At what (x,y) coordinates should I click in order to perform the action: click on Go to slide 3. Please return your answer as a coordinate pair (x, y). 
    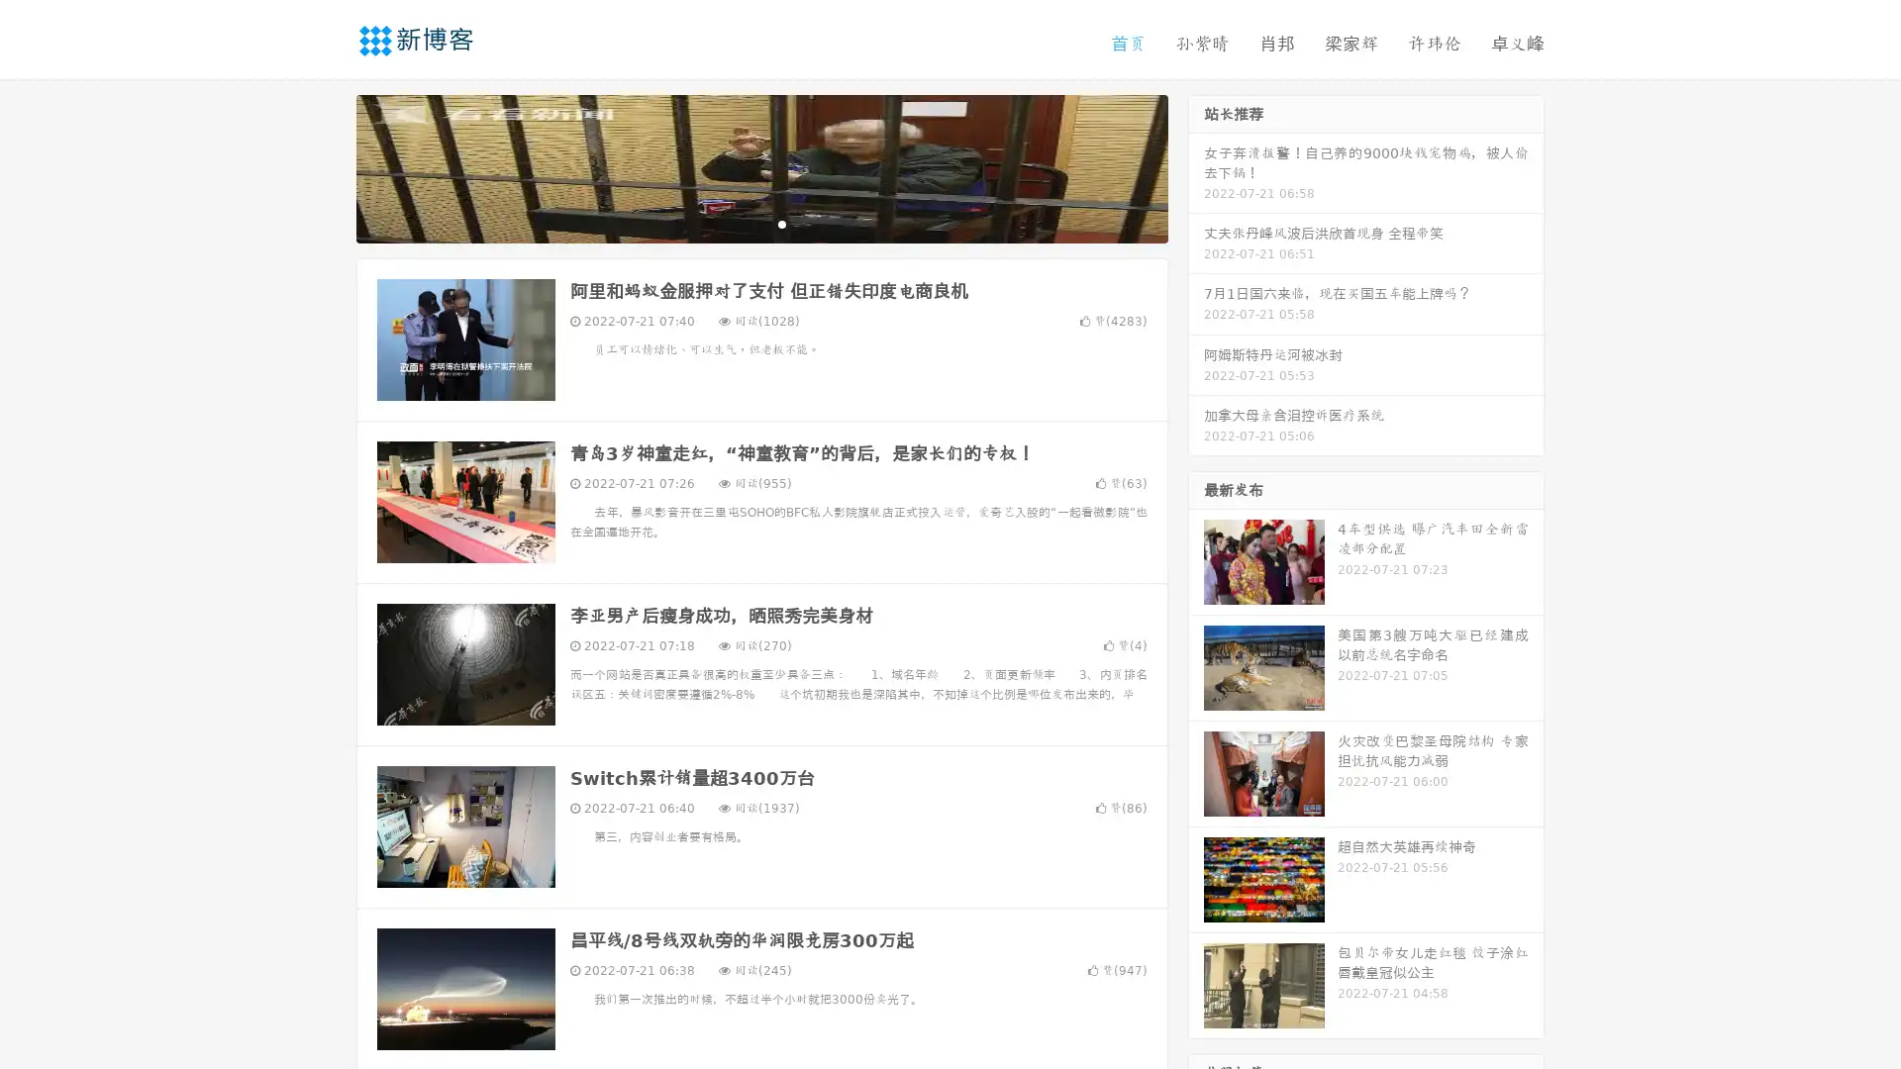
    Looking at the image, I should click on (781, 223).